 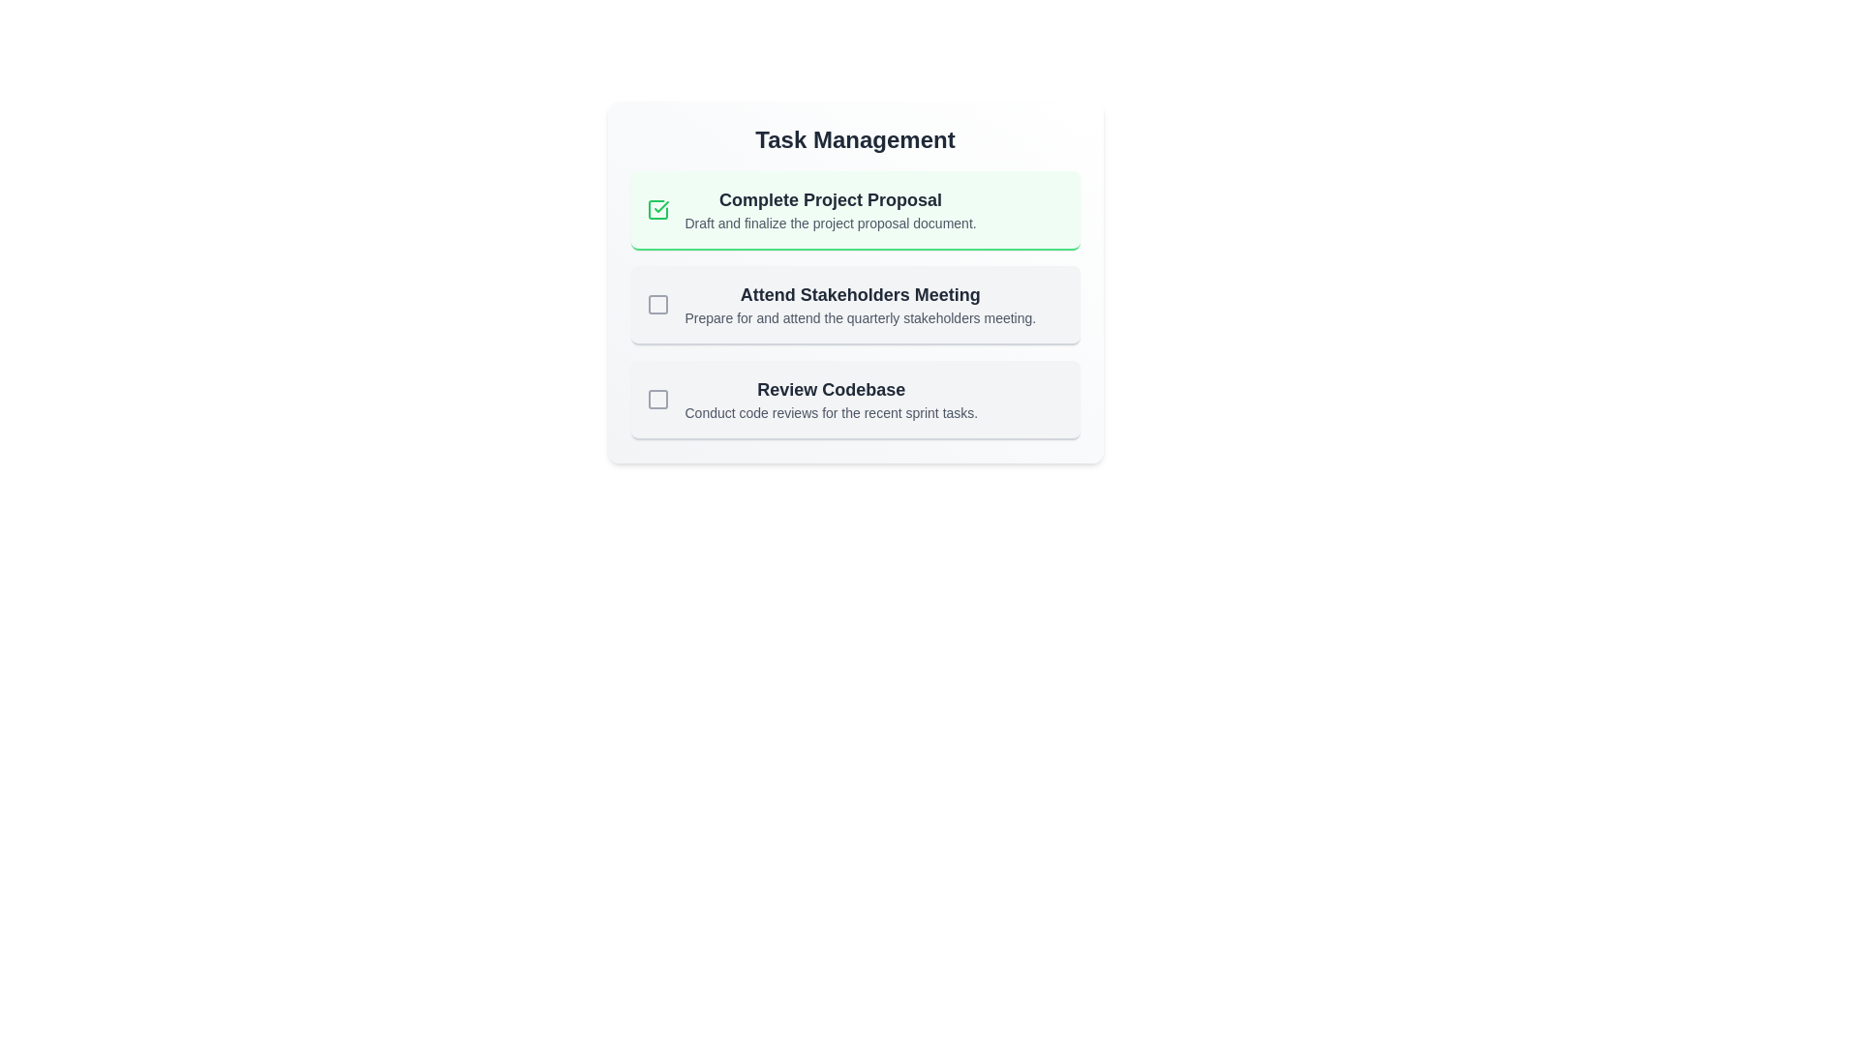 I want to click on the task list item indicating the completion of the project proposal, which has a green background and a checkmark, so click(x=854, y=211).